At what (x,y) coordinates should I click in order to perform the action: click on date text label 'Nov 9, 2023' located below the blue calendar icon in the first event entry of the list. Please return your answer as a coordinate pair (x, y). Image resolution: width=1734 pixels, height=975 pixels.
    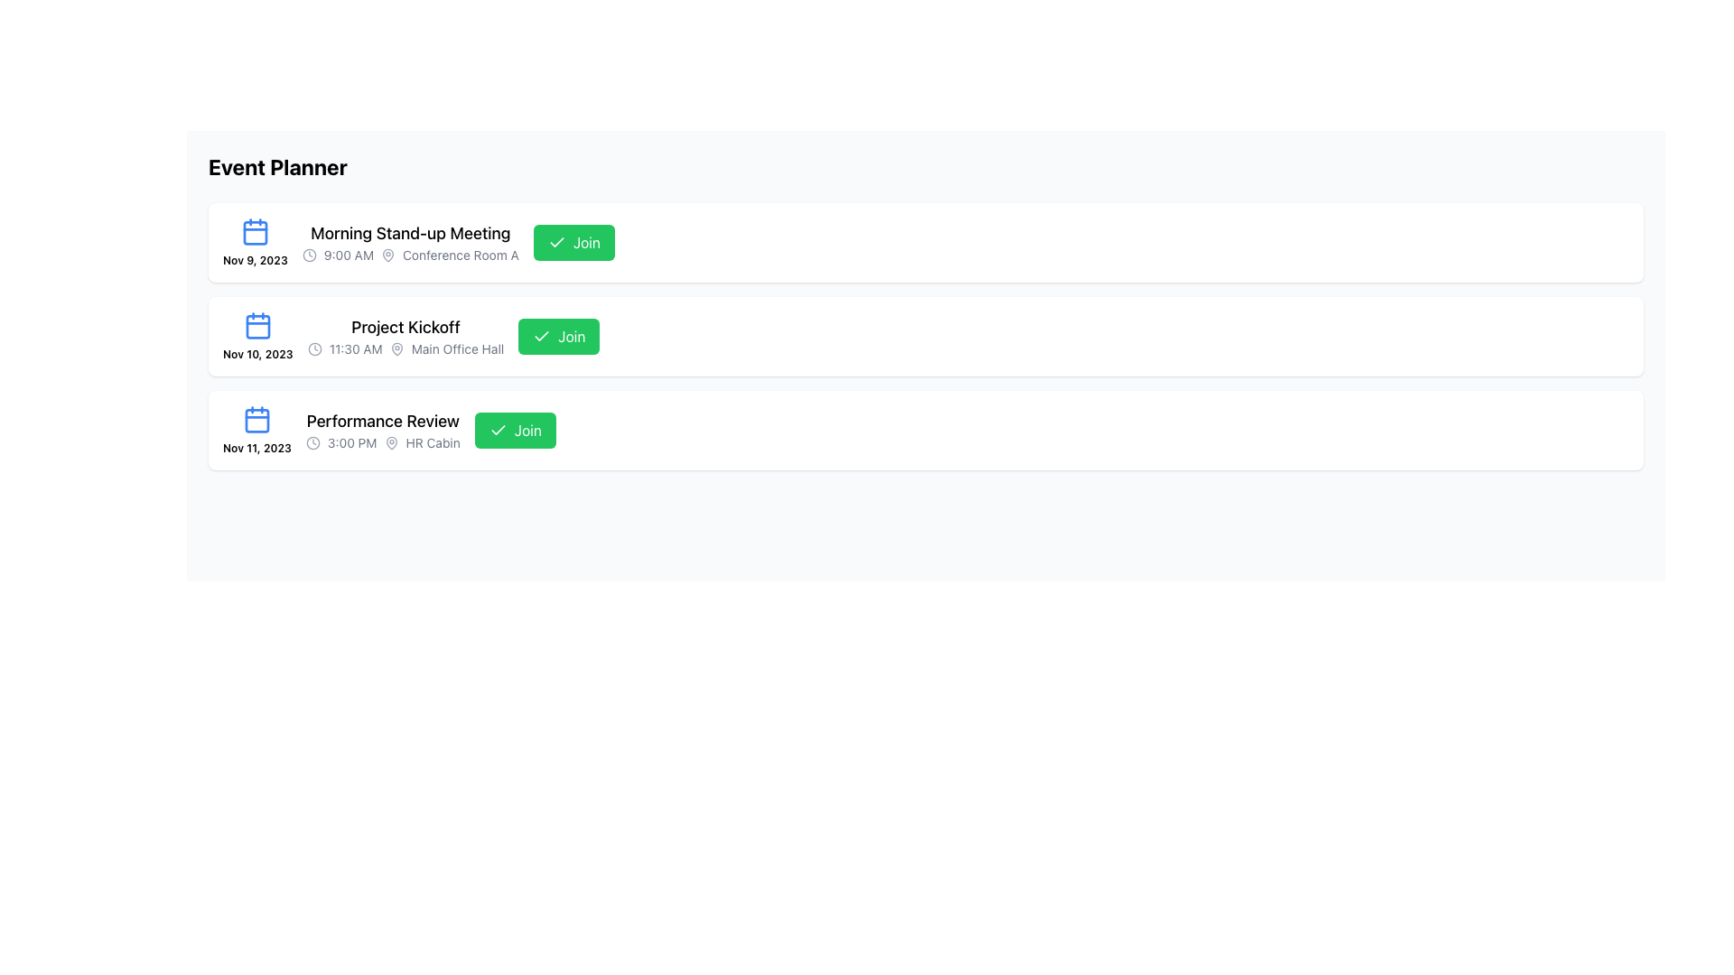
    Looking at the image, I should click on (254, 261).